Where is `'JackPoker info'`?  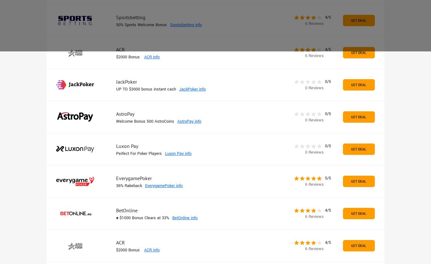
'JackPoker info' is located at coordinates (192, 89).